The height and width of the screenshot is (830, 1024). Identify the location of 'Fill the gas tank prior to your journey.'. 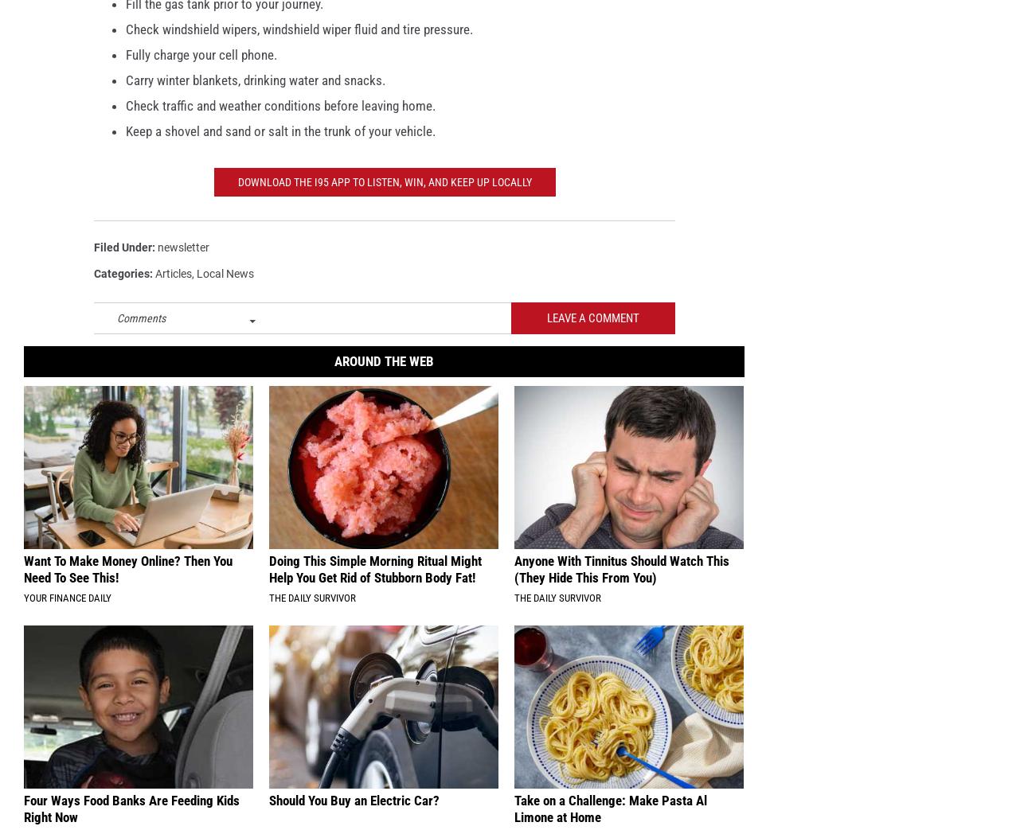
(126, 14).